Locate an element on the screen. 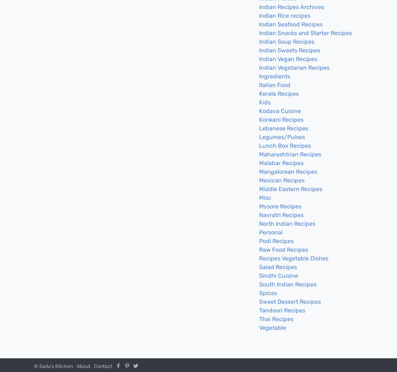 Image resolution: width=397 pixels, height=372 pixels. 'Legumes/Pulses' is located at coordinates (282, 137).